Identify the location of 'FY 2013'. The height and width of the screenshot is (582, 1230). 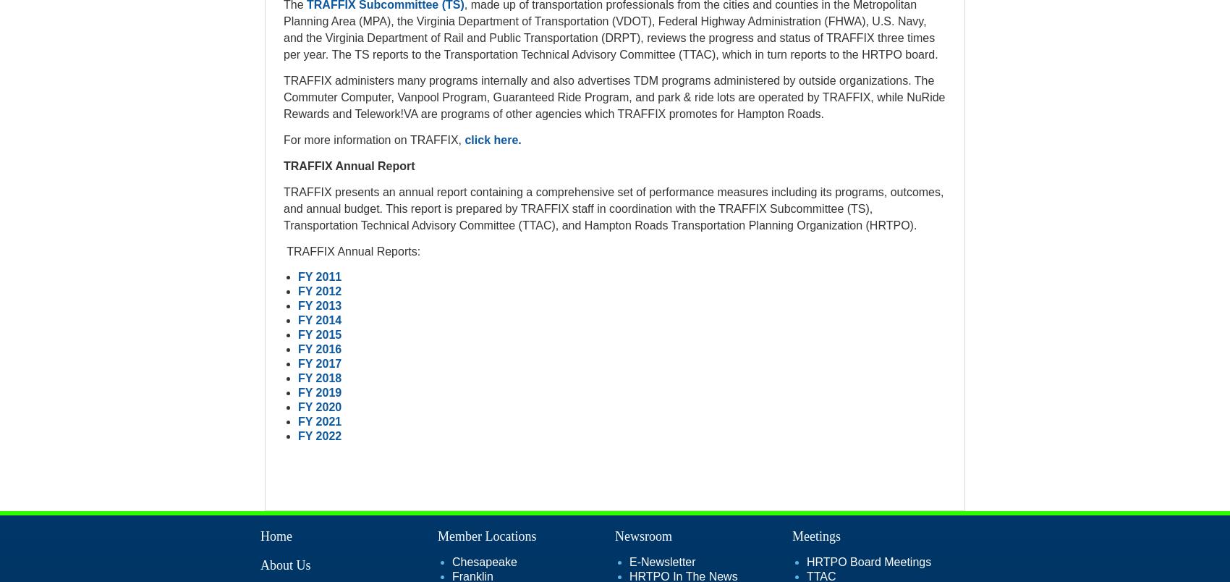
(320, 305).